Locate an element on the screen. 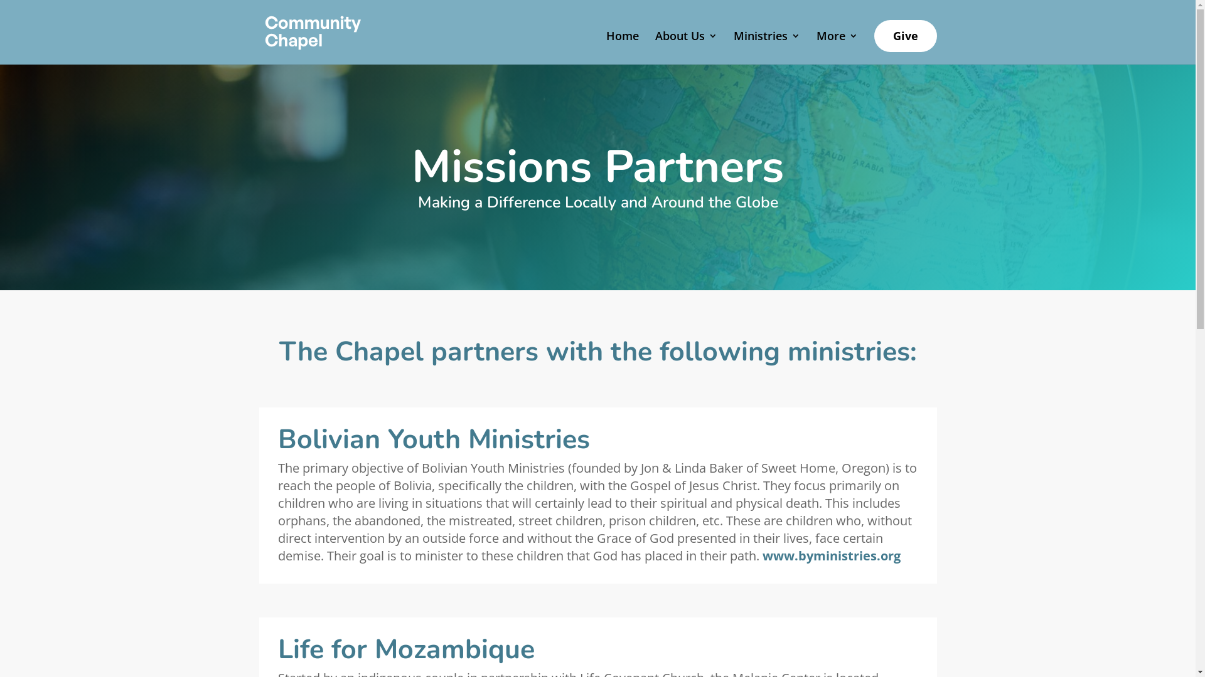 The height and width of the screenshot is (677, 1205). 'www.byministries.org' is located at coordinates (831, 555).